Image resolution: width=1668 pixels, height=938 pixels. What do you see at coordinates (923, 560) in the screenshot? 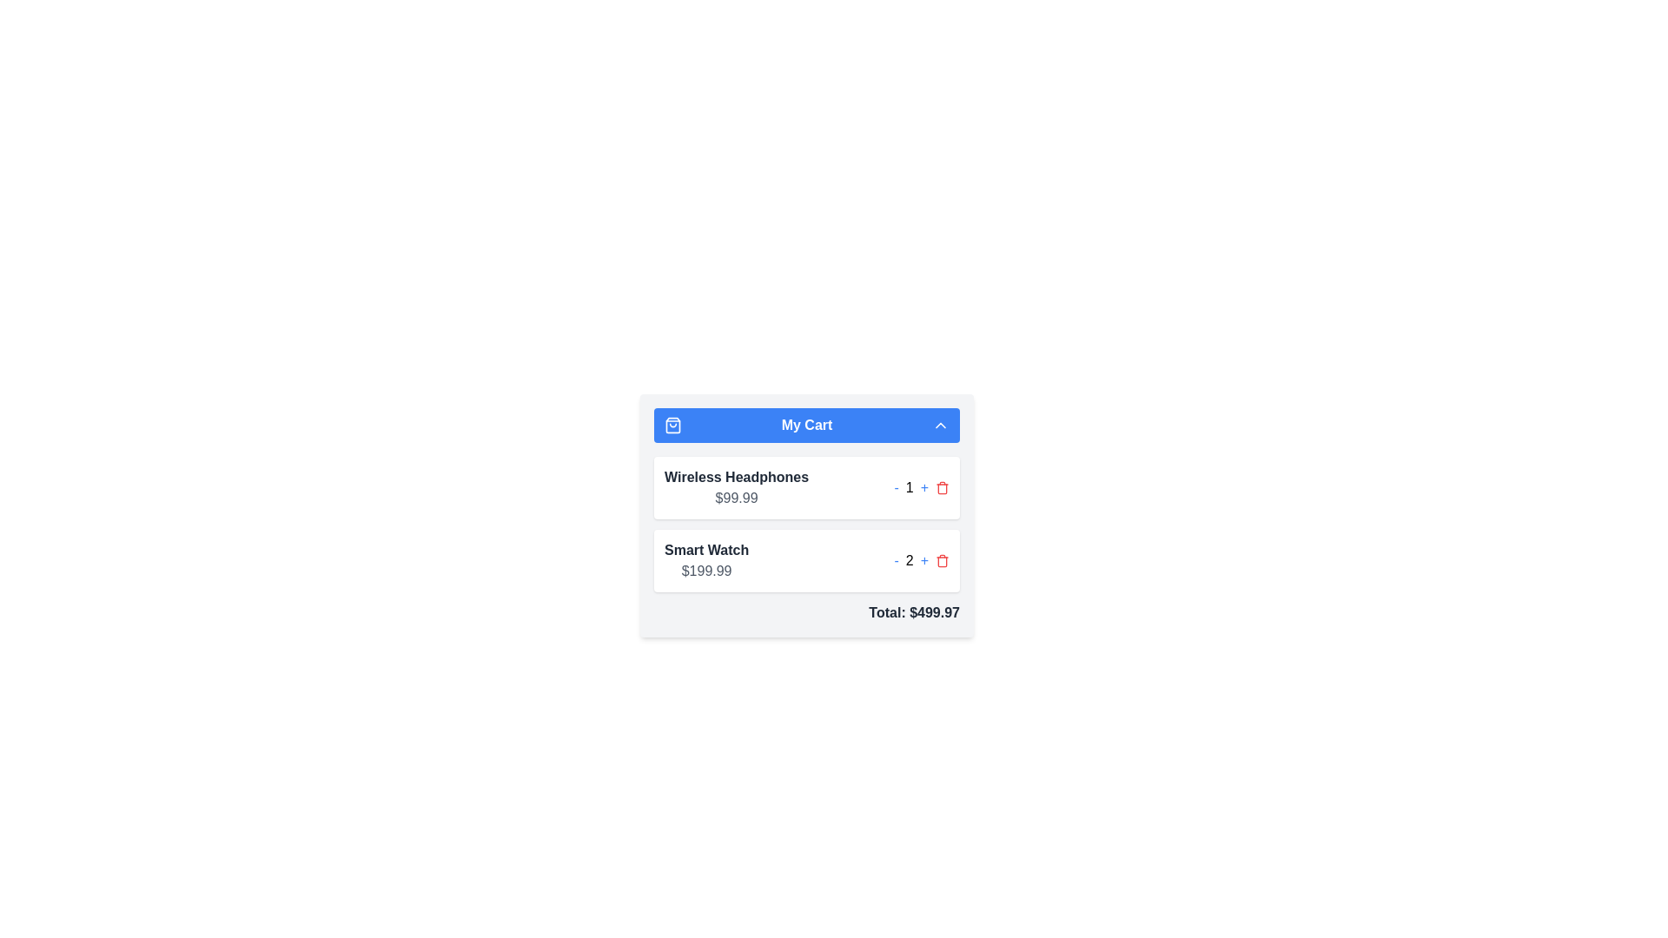
I see `the increment button for the Smart Watch item in the shopping cart to increase its quantity by one` at bounding box center [923, 560].